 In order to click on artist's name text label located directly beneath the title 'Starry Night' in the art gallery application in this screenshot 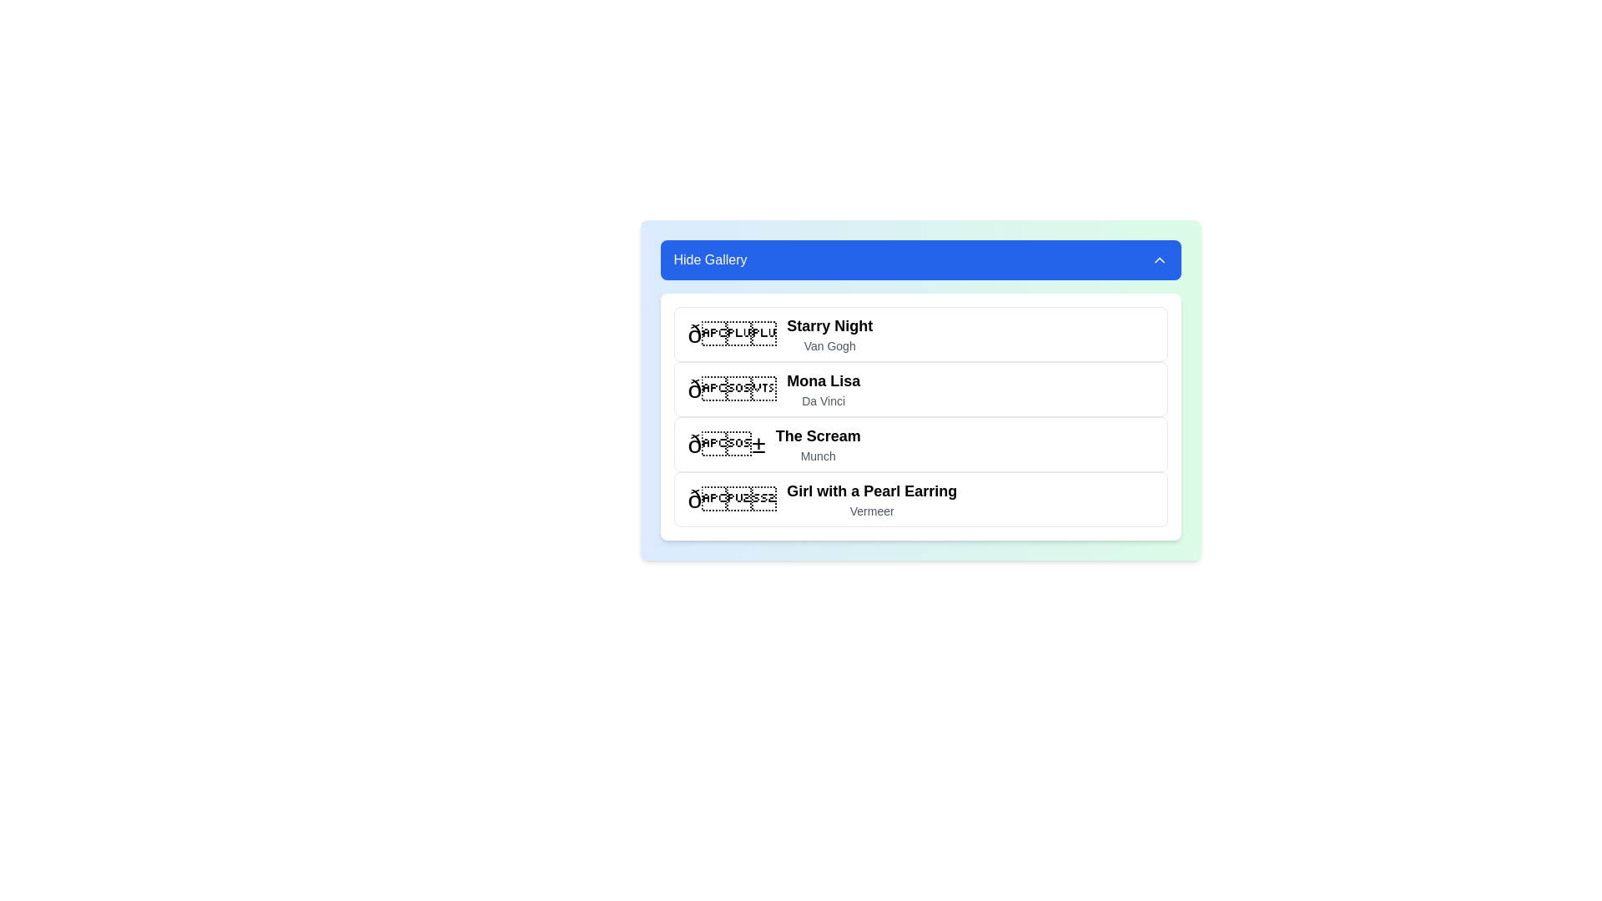, I will do `click(829, 345)`.